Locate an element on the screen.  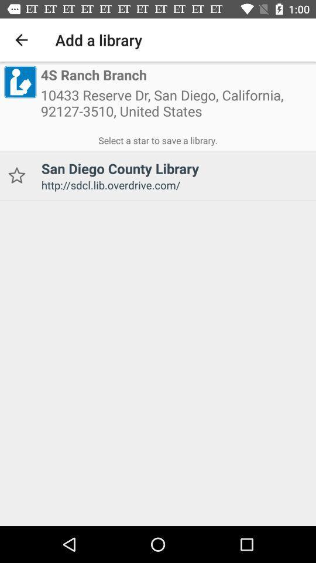
bookmark san diego library is located at coordinates (16, 175).